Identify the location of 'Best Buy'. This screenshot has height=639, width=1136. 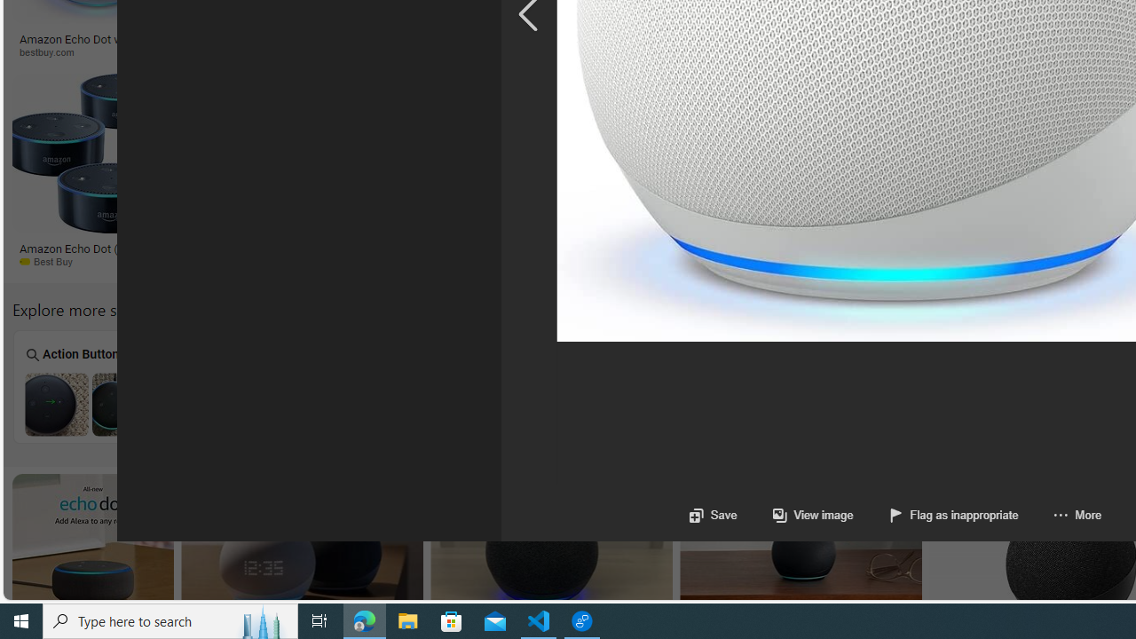
(52, 261).